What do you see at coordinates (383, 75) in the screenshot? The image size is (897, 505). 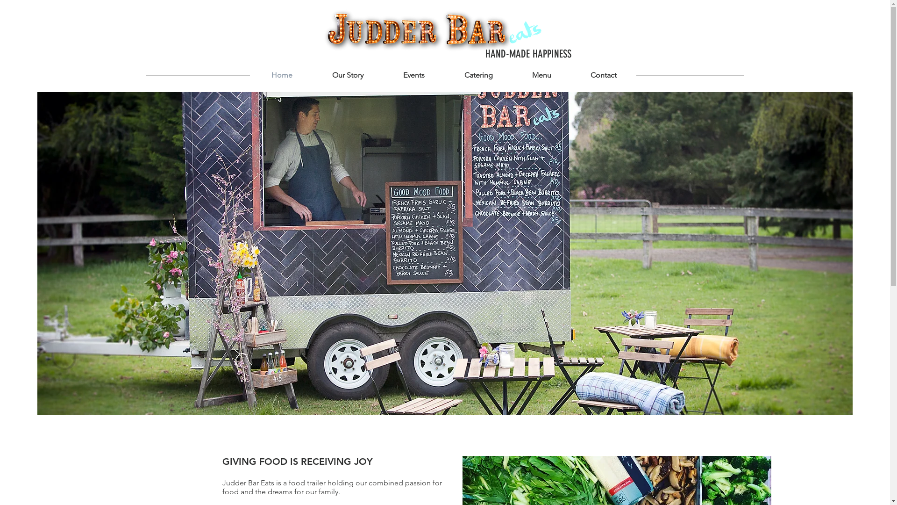 I see `'Events'` at bounding box center [383, 75].